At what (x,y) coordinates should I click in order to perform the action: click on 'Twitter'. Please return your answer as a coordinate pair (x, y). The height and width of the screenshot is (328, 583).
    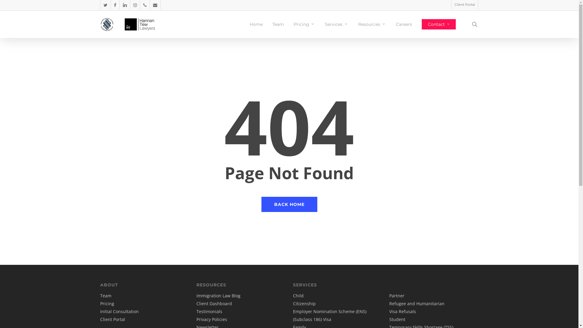
    Looking at the image, I should click on (105, 5).